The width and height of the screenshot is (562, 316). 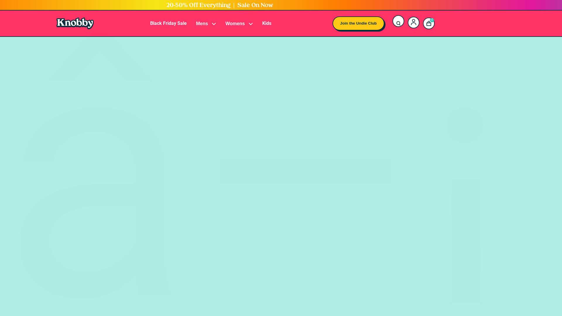 I want to click on 'Kids', so click(x=266, y=23).